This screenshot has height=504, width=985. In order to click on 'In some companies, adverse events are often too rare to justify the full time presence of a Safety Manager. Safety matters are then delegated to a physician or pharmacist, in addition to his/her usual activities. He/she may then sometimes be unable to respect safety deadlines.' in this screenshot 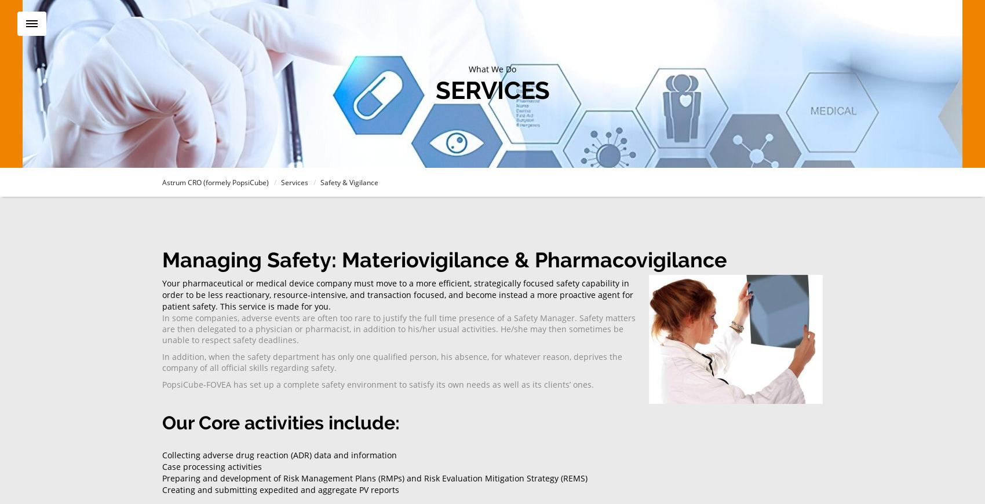, I will do `click(399, 328)`.